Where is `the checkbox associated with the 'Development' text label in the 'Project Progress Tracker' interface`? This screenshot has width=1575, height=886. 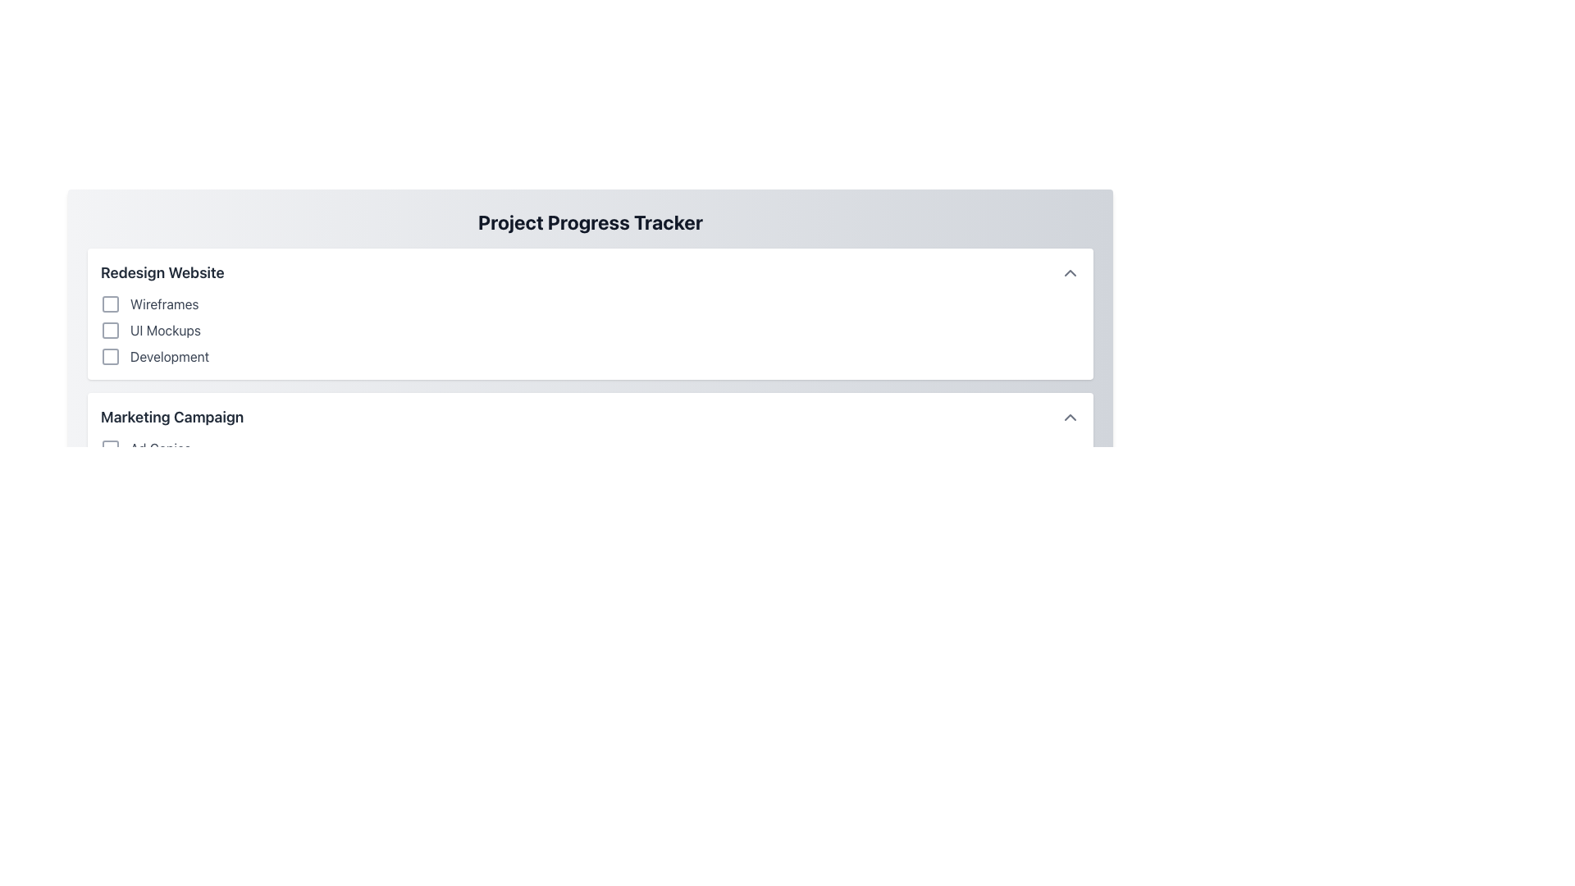 the checkbox associated with the 'Development' text label in the 'Project Progress Tracker' interface is located at coordinates (170, 356).